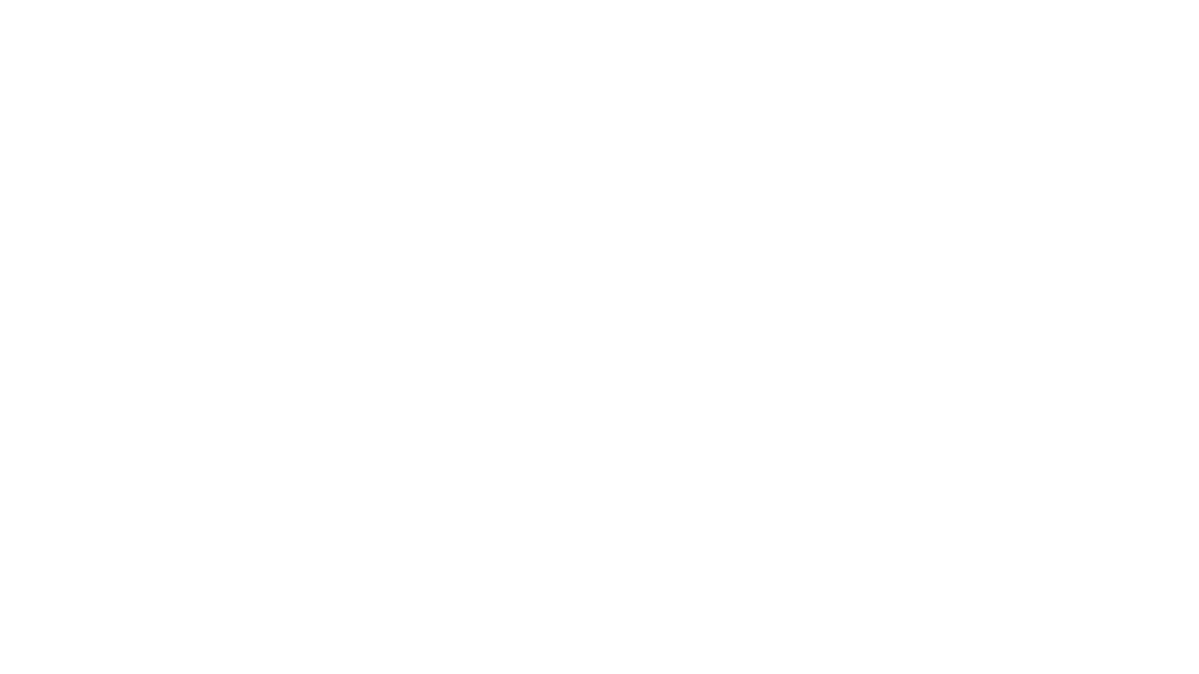 The width and height of the screenshot is (1199, 674). What do you see at coordinates (242, 455) in the screenshot?
I see `the theme toggle button to switch between light and dark themes` at bounding box center [242, 455].